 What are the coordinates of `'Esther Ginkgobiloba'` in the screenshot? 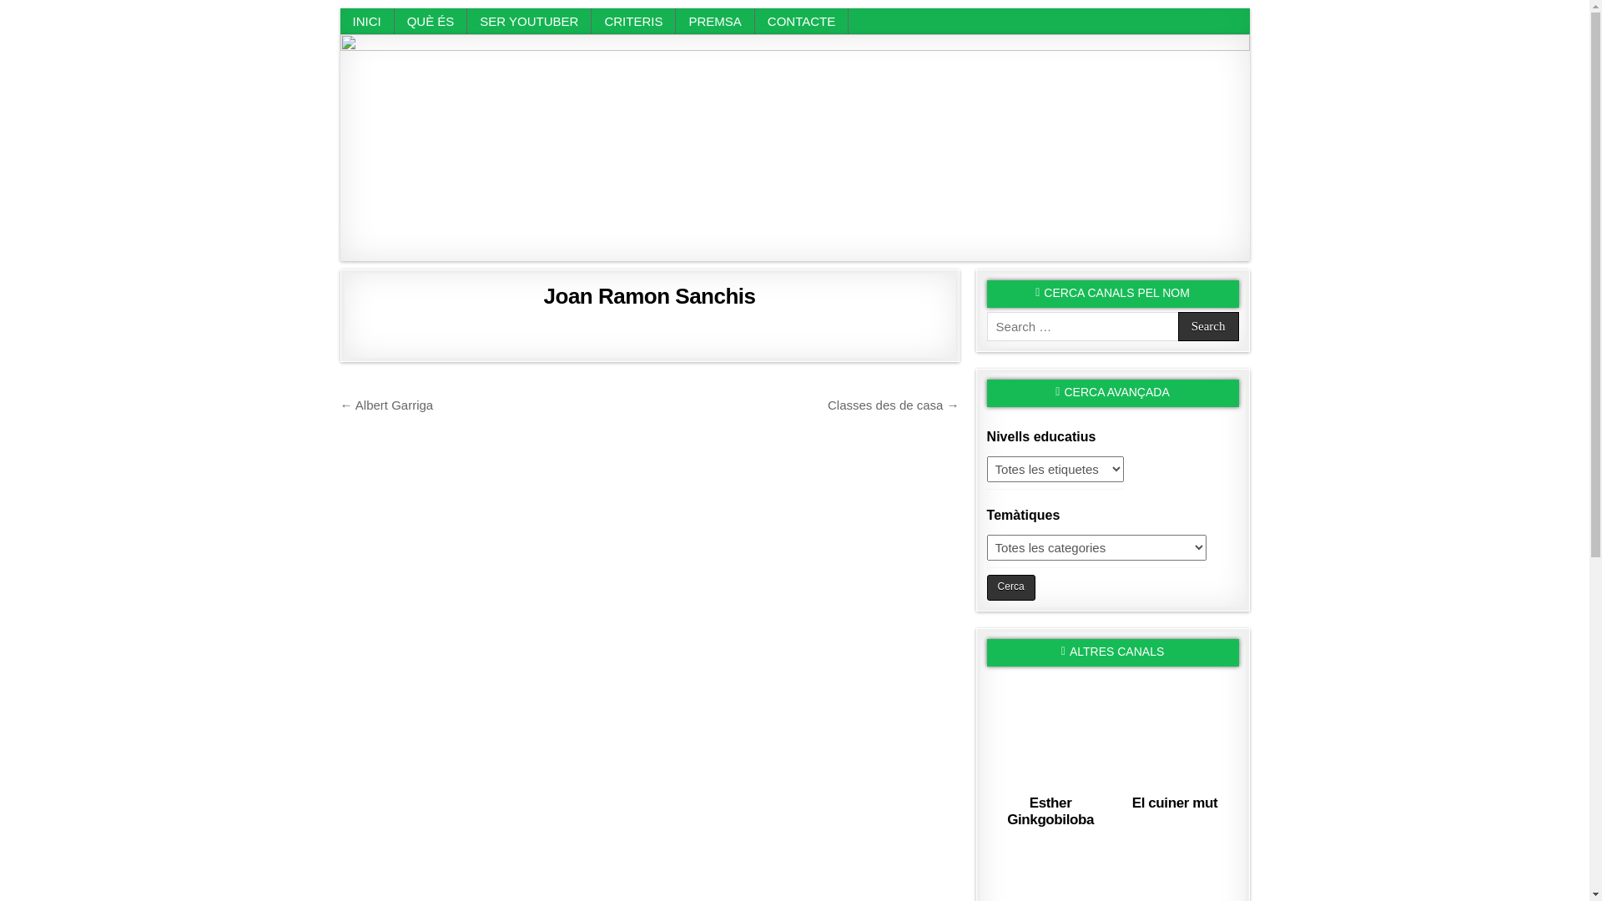 It's located at (1049, 810).